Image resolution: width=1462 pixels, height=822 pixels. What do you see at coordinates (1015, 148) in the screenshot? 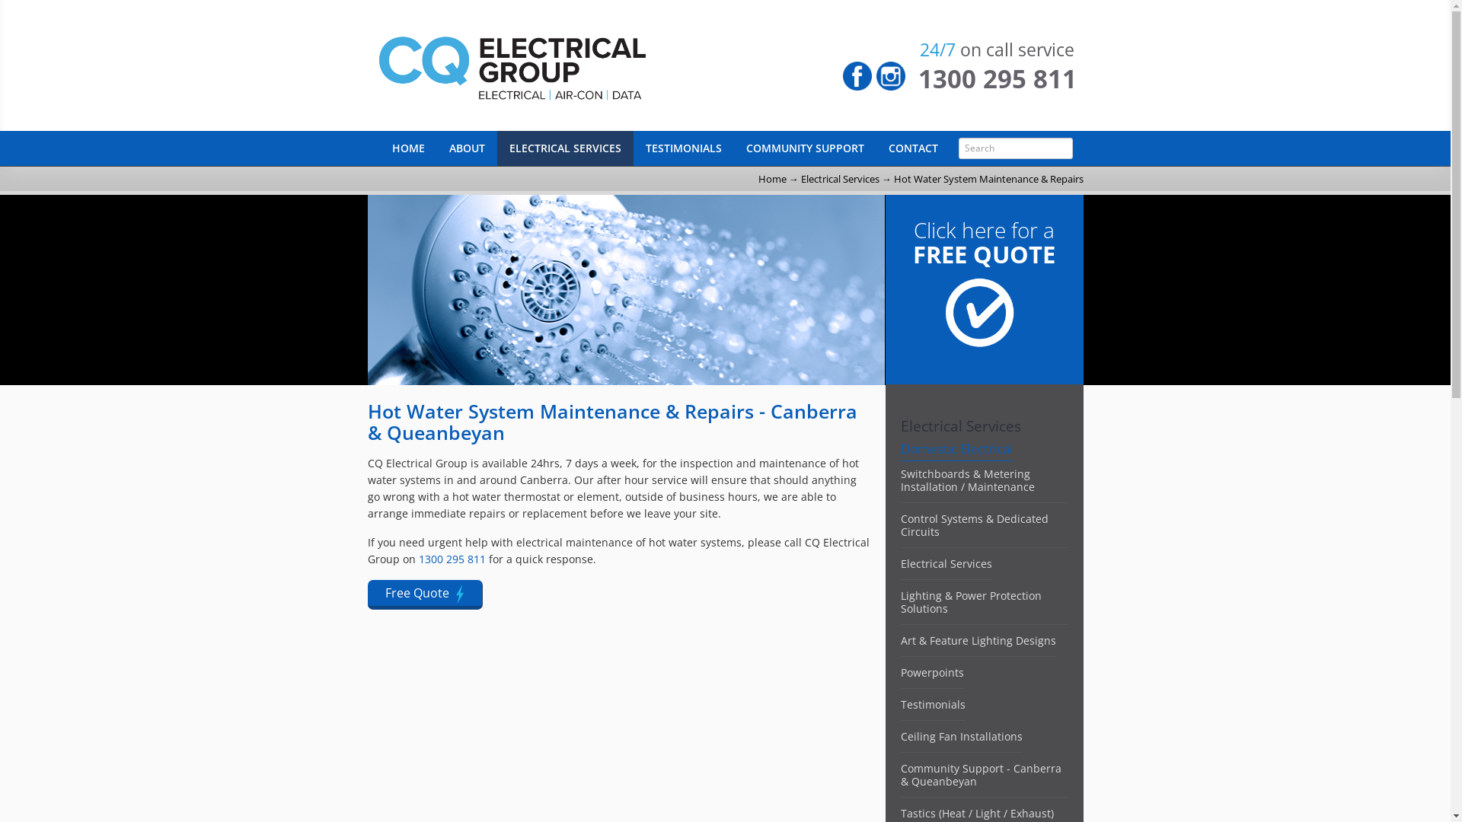
I see `'Enter the terms you wish to search for.'` at bounding box center [1015, 148].